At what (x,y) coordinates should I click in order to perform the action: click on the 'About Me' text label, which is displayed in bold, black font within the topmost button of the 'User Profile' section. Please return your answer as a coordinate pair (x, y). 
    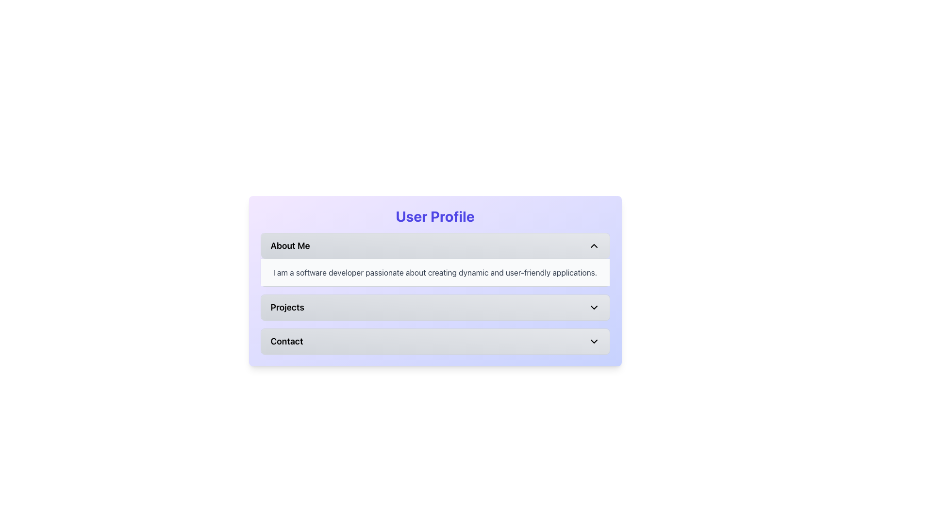
    Looking at the image, I should click on (290, 245).